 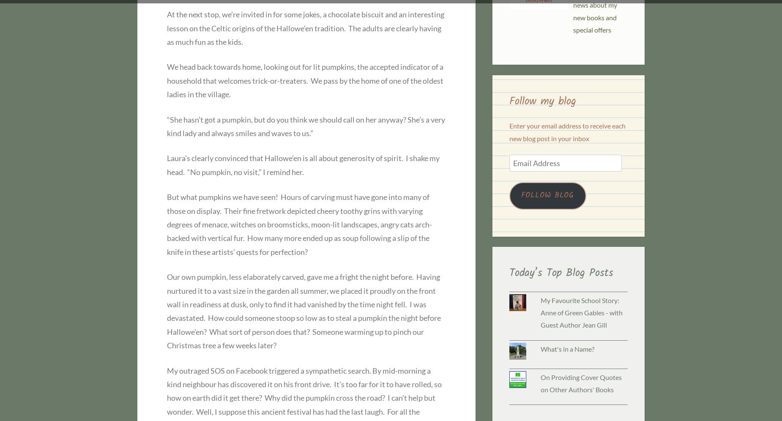 What do you see at coordinates (166, 126) in the screenshot?
I see `'“She hasn’t got a pumpkin, but do you think we should call on her anyway? She’s a very kind lady and always smiles and waves to us.”'` at bounding box center [166, 126].